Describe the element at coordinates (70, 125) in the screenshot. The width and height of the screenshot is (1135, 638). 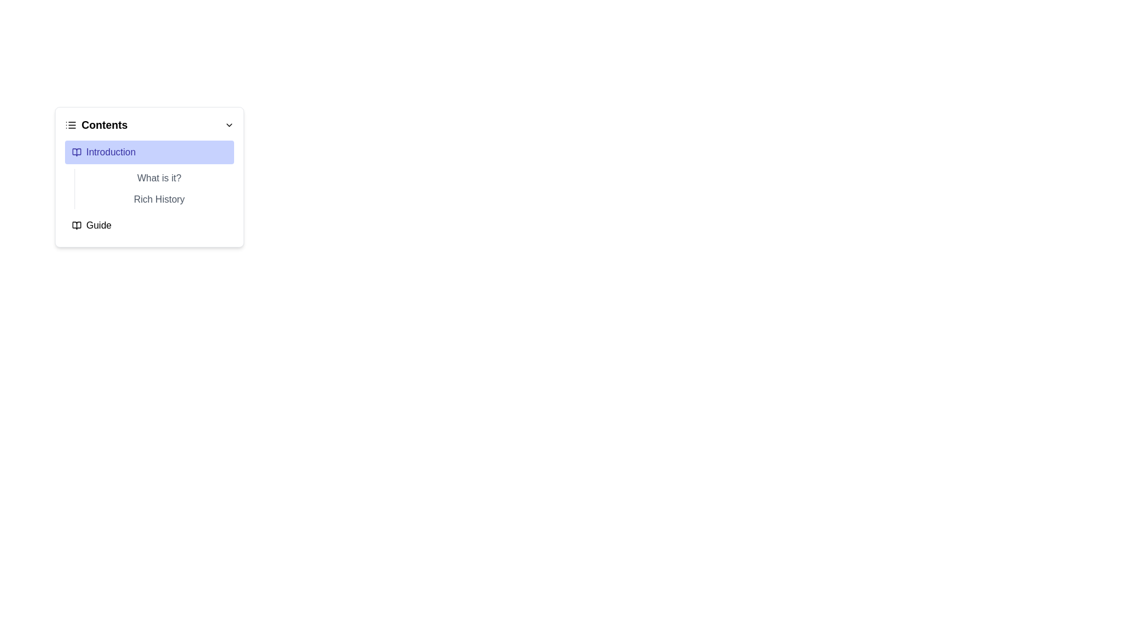
I see `the minimalistic icon resembling a list, which is located to the left of the 'Contents' label in the section header` at that location.